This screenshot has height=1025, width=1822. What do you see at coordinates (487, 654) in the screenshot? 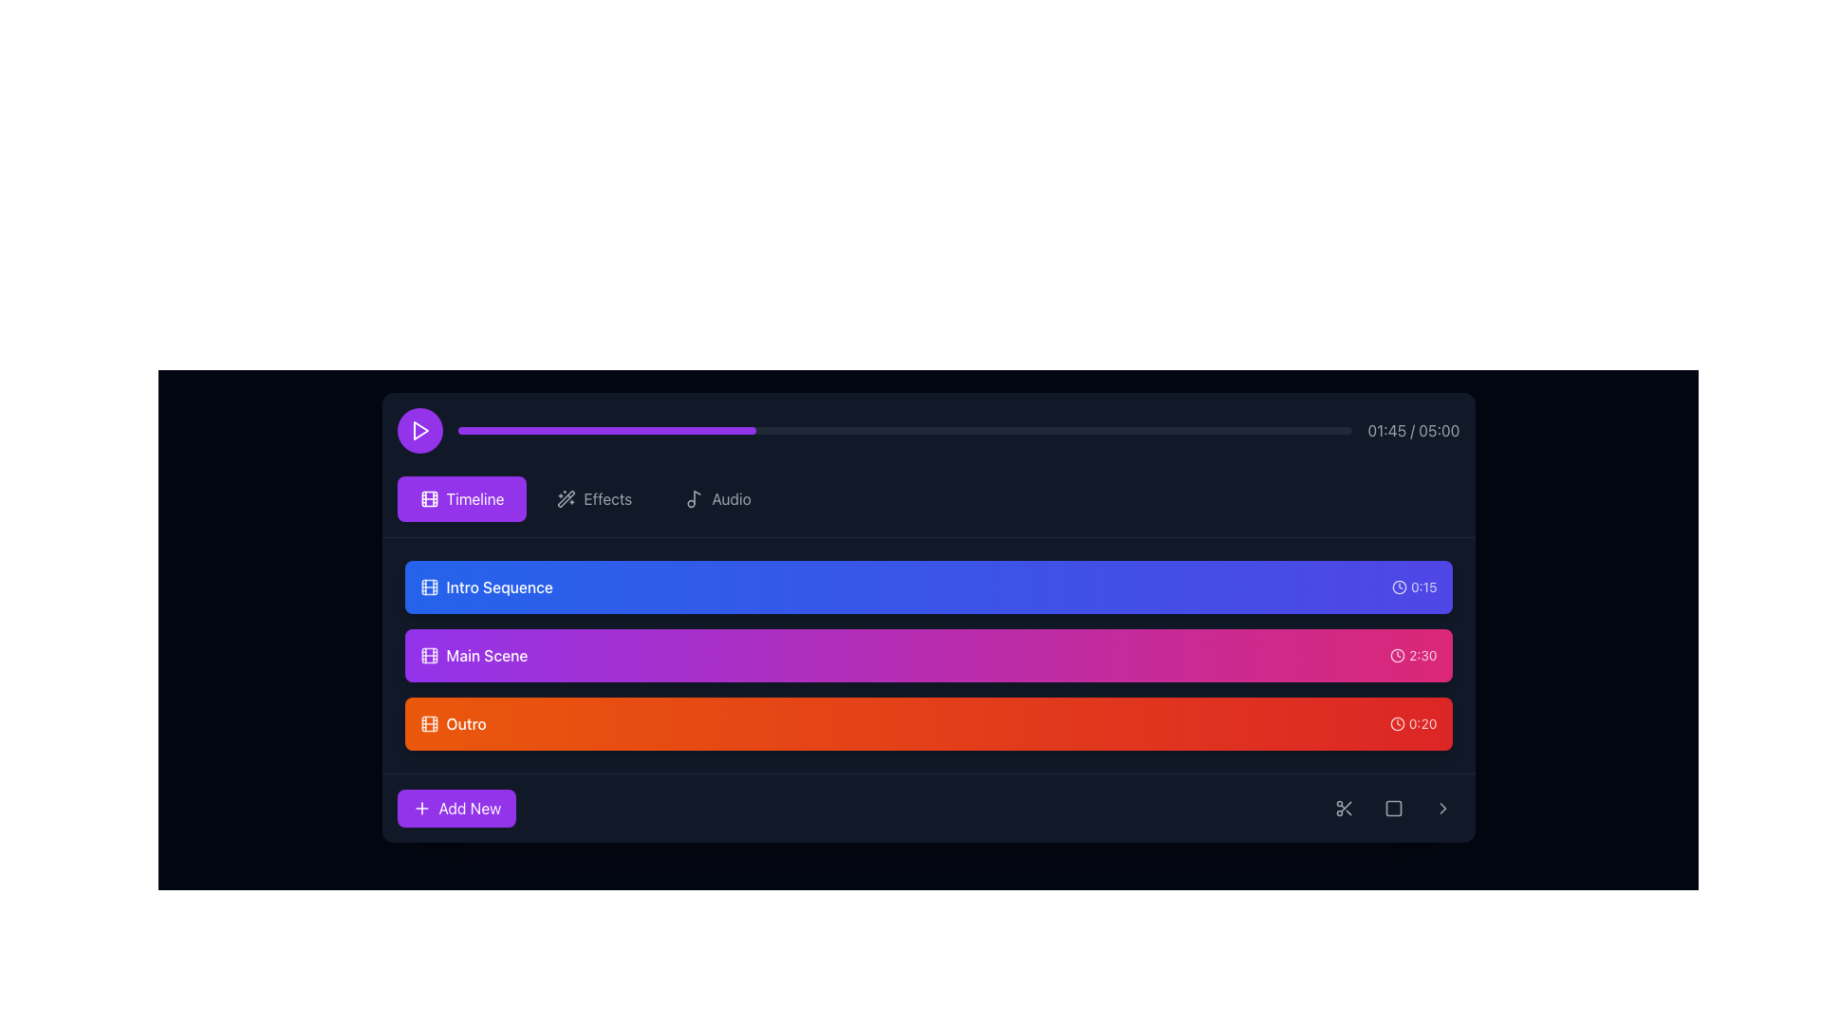
I see `the 'Main Scene' text label, which is the second item in the series of sections labeled 'Intro Sequence', 'Main Scene', and 'Outro'. This label helps users identify and select the specific segment in the timeline` at bounding box center [487, 654].